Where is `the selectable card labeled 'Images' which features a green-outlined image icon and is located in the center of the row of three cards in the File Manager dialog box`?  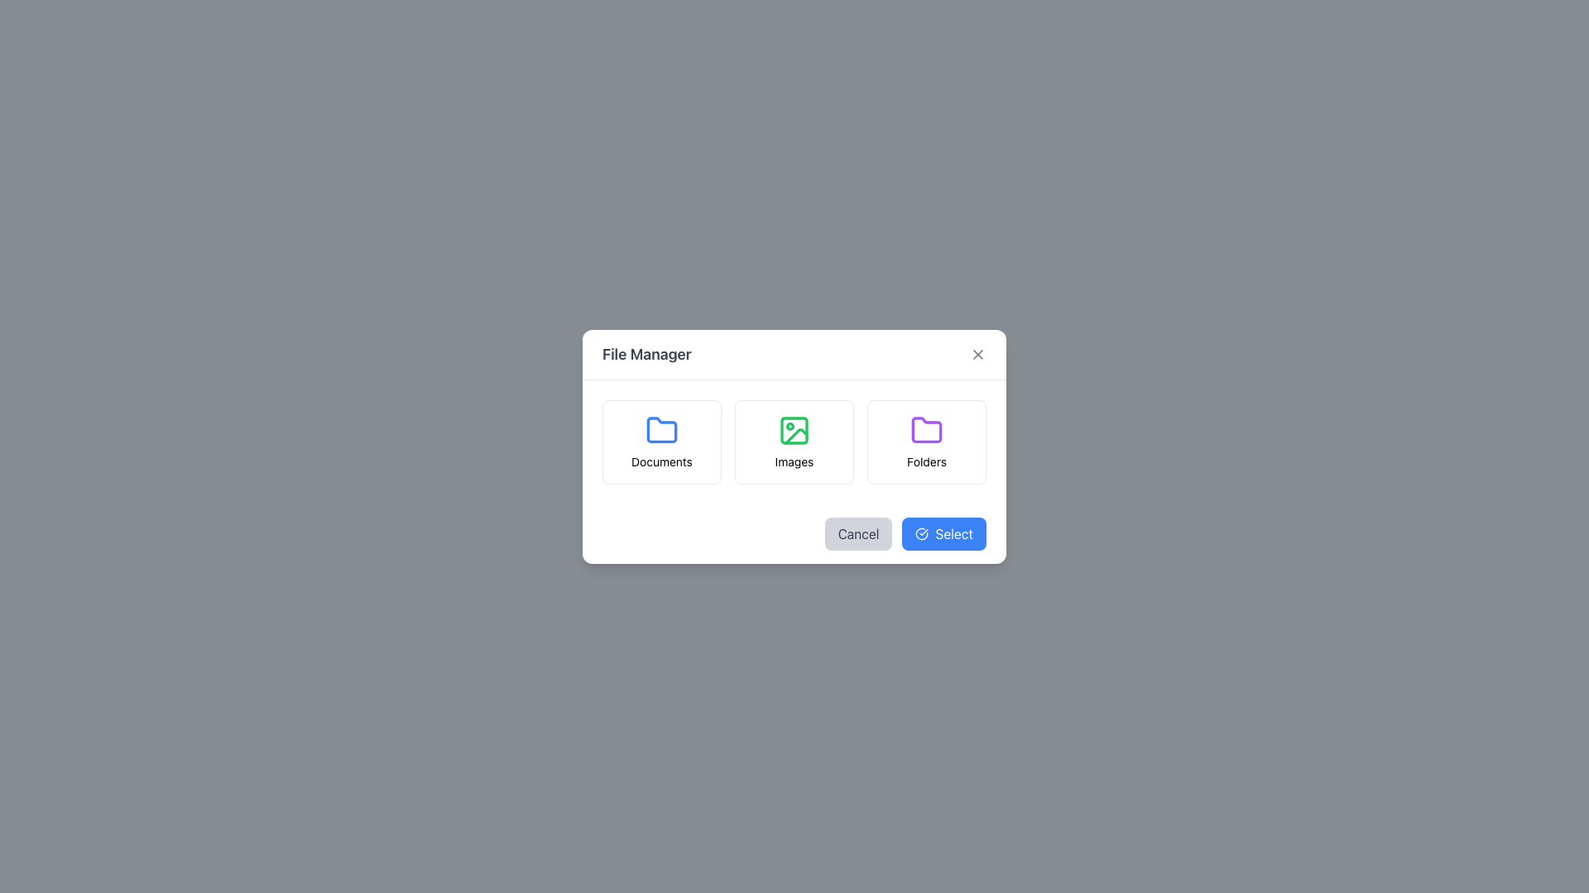
the selectable card labeled 'Images' which features a green-outlined image icon and is located in the center of the row of three cards in the File Manager dialog box is located at coordinates (794, 441).